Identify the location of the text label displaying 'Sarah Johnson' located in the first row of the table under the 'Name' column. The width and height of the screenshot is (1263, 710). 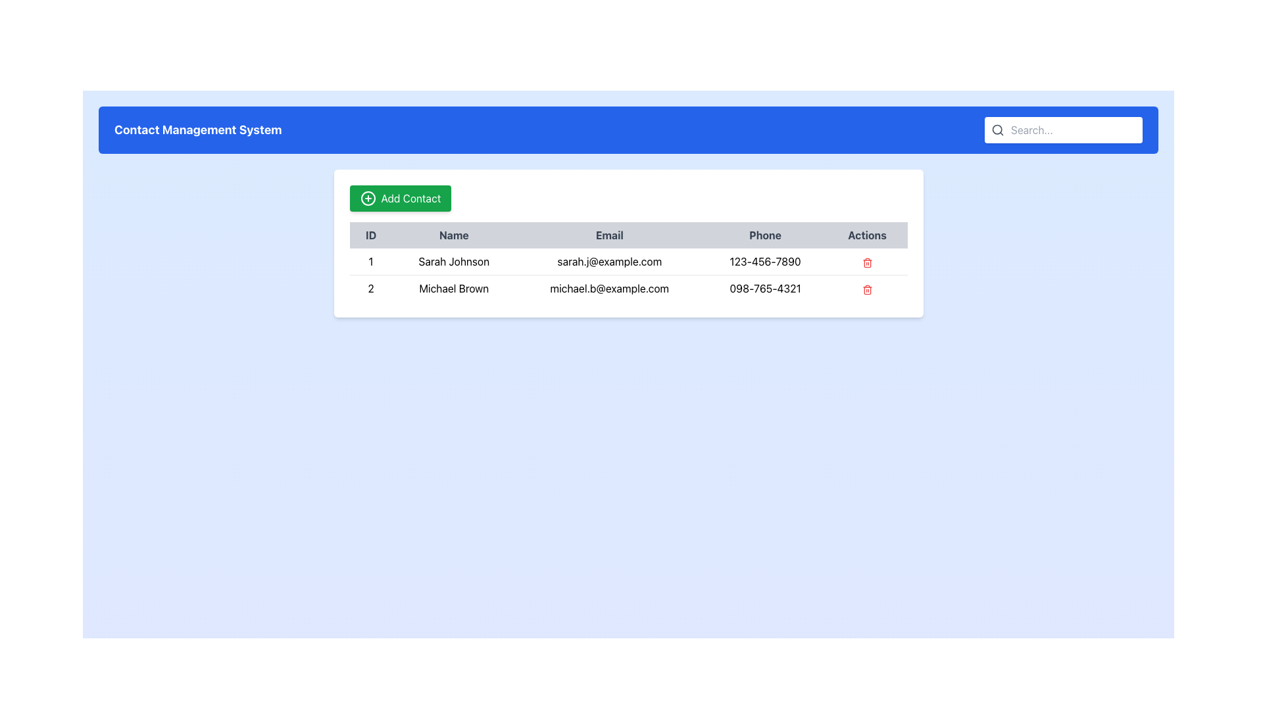
(454, 262).